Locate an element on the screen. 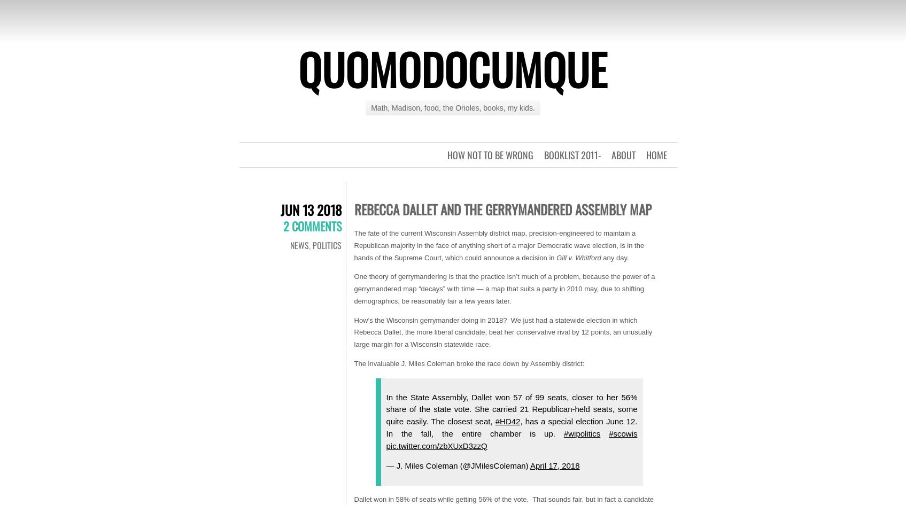  '— J. Miles Coleman (@JMilesColeman)' is located at coordinates (457, 465).